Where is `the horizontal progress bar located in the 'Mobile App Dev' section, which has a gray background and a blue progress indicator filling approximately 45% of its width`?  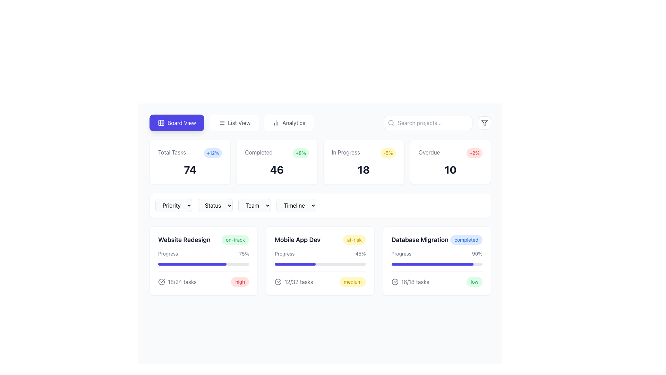 the horizontal progress bar located in the 'Mobile App Dev' section, which has a gray background and a blue progress indicator filling approximately 45% of its width is located at coordinates (320, 264).